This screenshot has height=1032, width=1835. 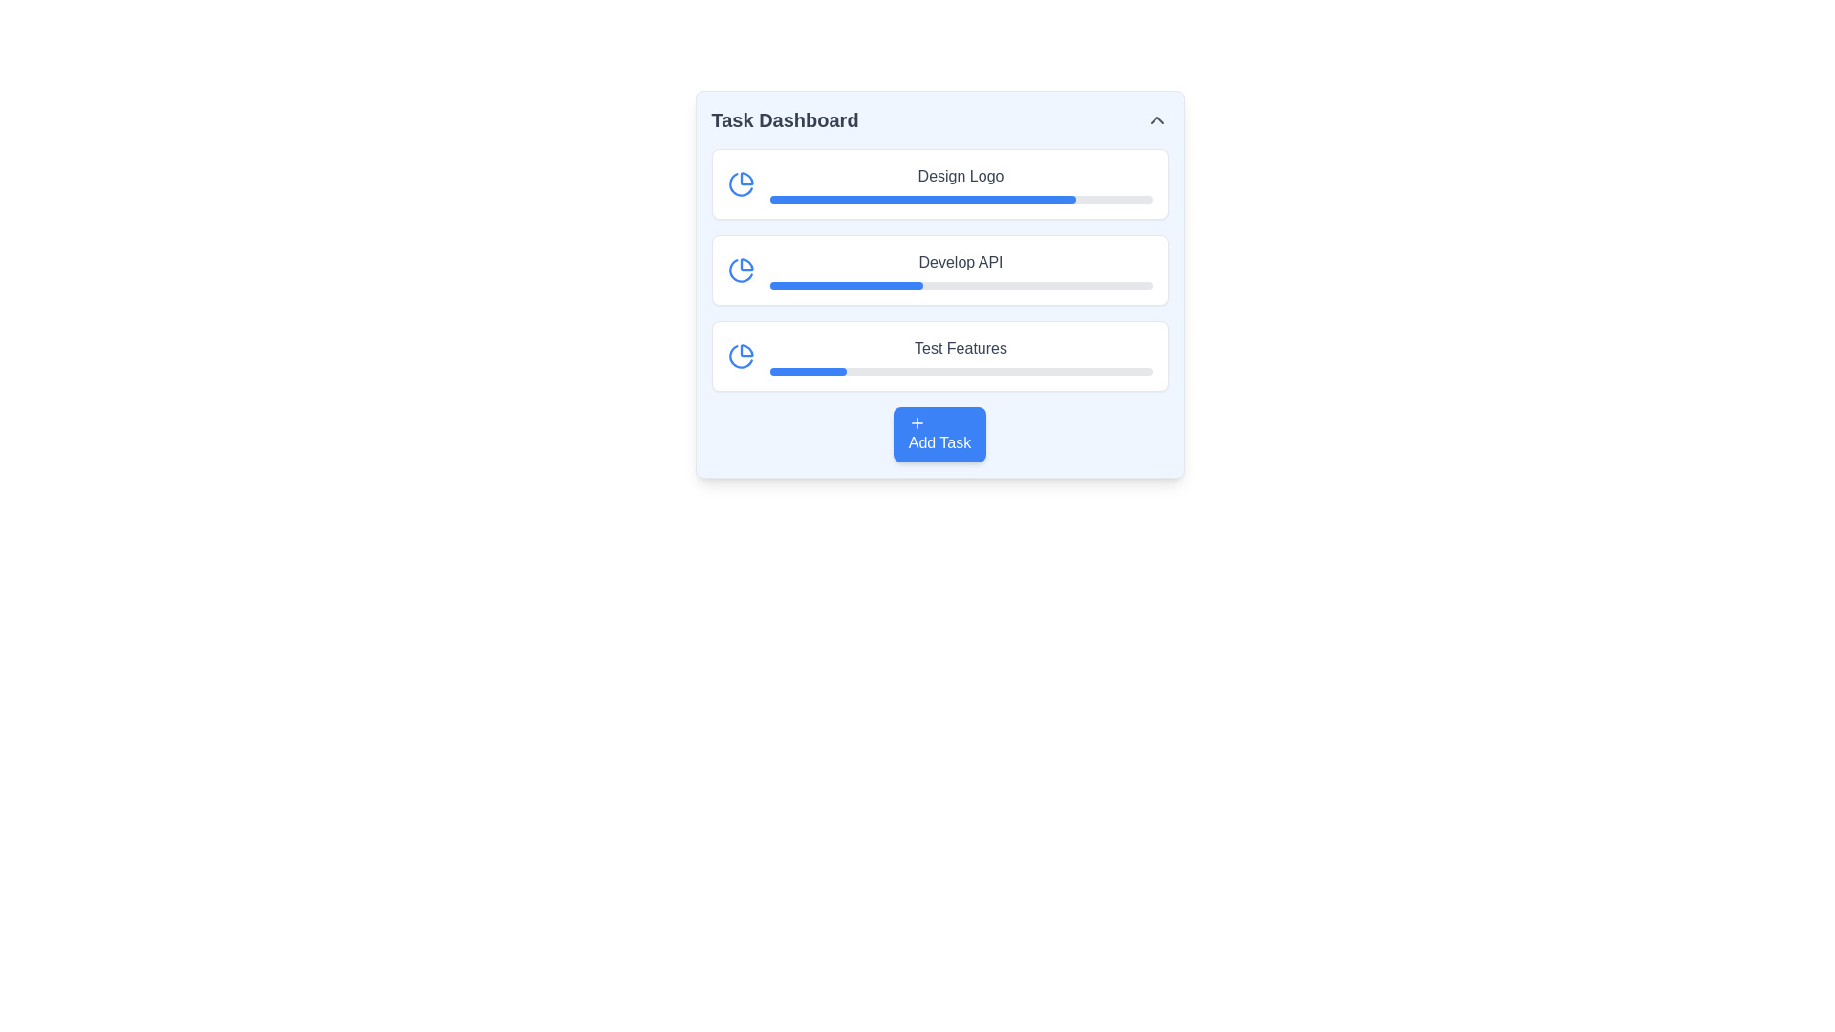 What do you see at coordinates (1155, 120) in the screenshot?
I see `the toggle button/icon (Chevron/Arrow)` at bounding box center [1155, 120].